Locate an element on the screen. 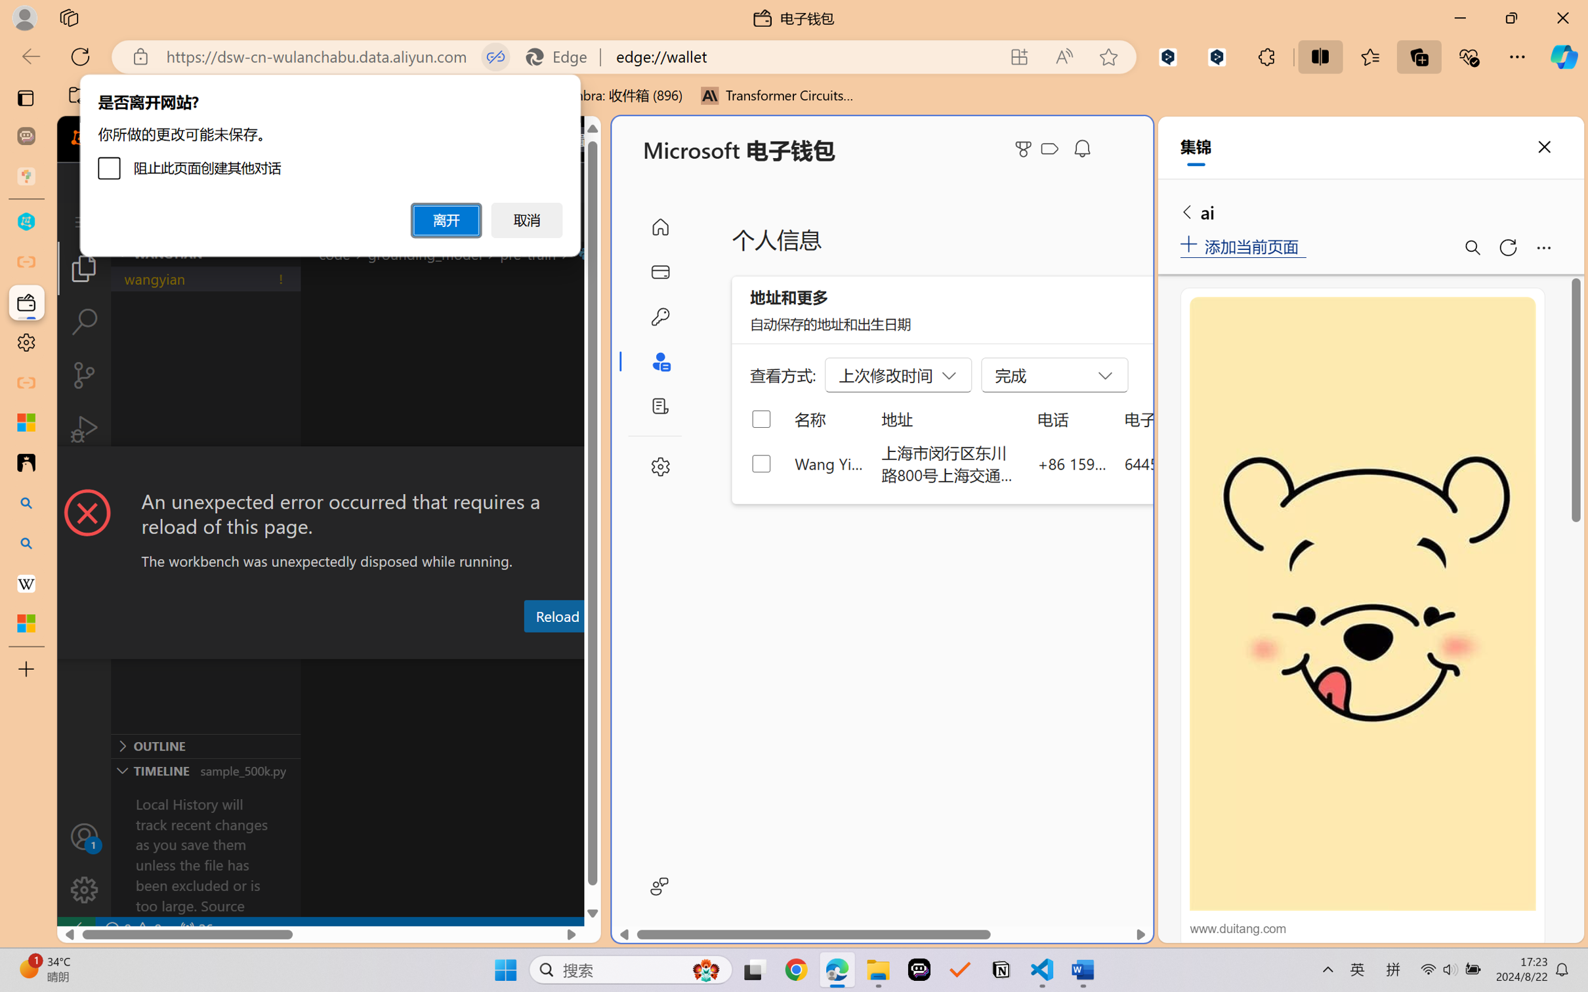 The image size is (1588, 992). 'Manage' is located at coordinates (83, 889).